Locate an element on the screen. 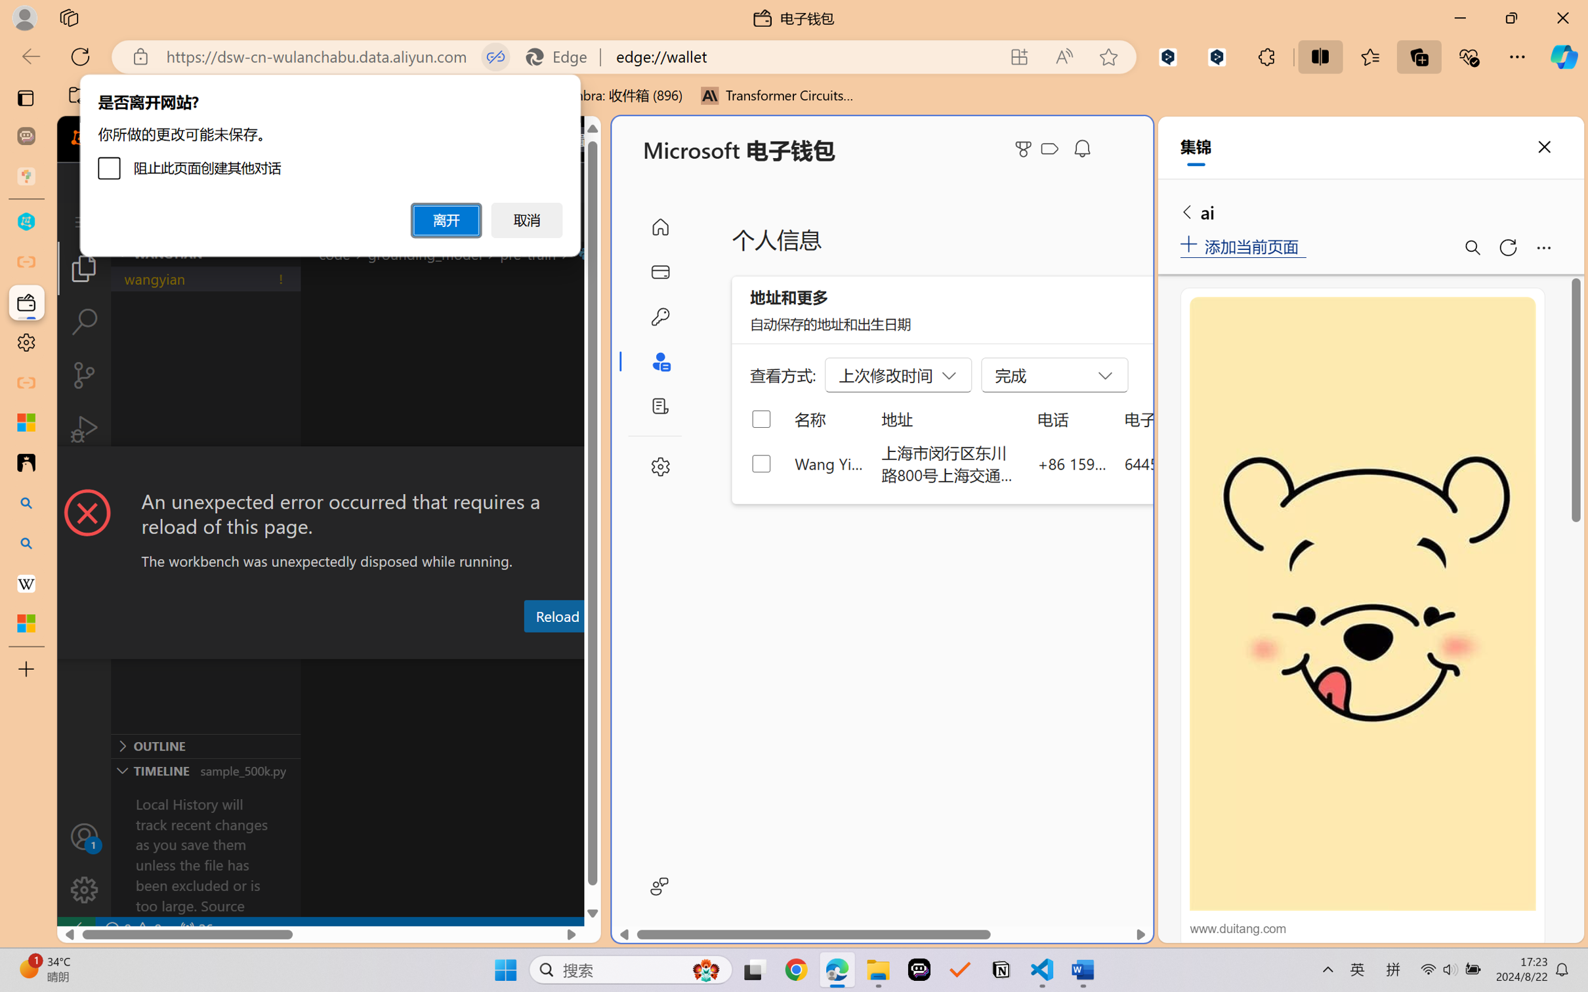 The image size is (1588, 992). 'Manage' is located at coordinates (83, 889).